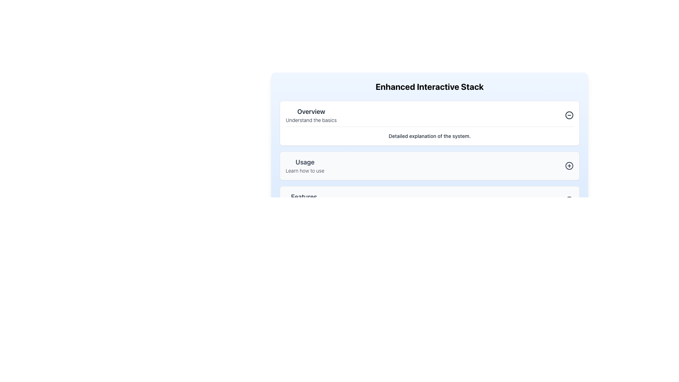 The width and height of the screenshot is (679, 382). Describe the element at coordinates (569, 166) in the screenshot. I see `the IconButton located at the right end of the 'Usage' section` at that location.